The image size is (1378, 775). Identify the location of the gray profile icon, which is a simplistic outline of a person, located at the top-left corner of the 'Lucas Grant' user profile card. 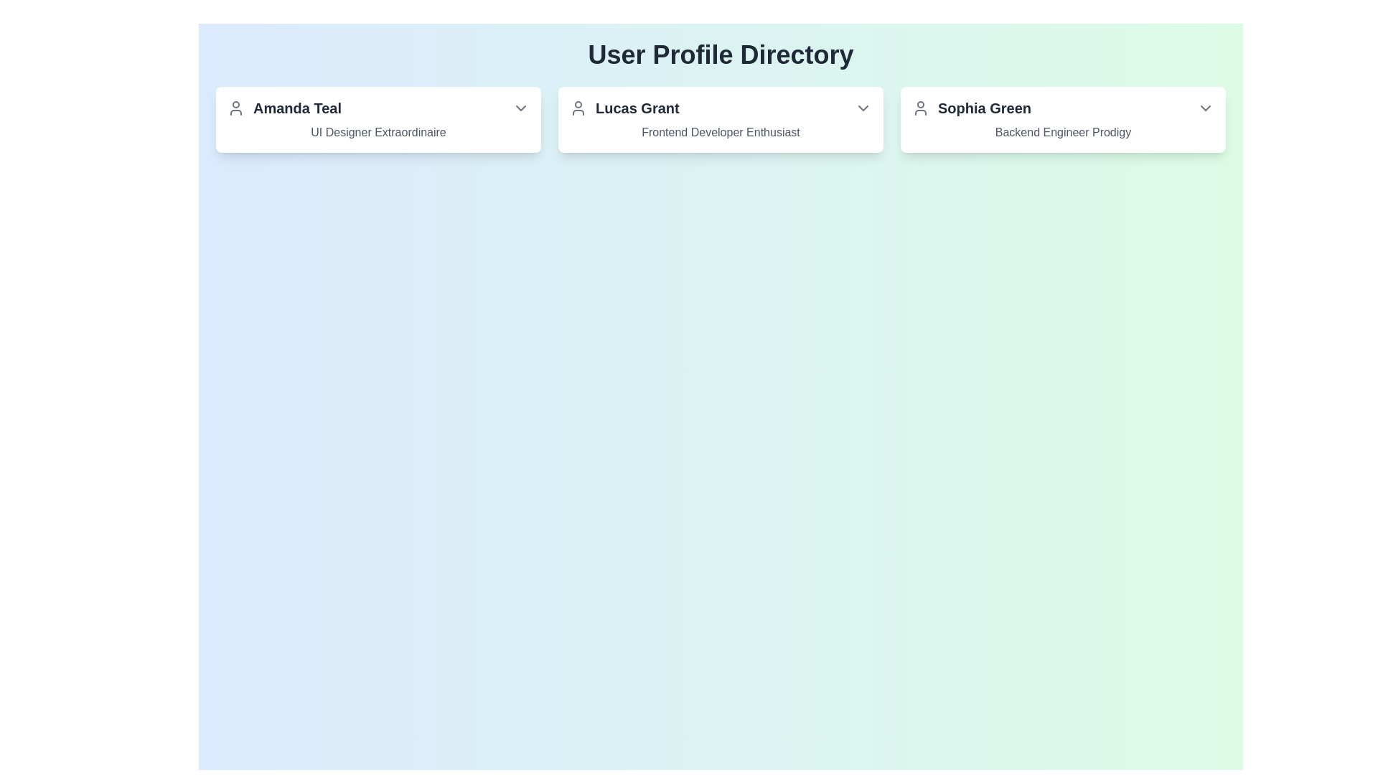
(578, 107).